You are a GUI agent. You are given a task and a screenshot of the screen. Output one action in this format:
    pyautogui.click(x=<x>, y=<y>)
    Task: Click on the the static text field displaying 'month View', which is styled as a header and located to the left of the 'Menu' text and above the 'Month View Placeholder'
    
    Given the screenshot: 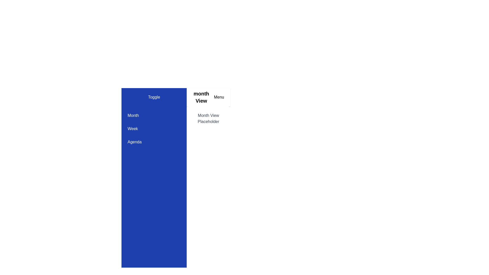 What is the action you would take?
    pyautogui.click(x=201, y=97)
    